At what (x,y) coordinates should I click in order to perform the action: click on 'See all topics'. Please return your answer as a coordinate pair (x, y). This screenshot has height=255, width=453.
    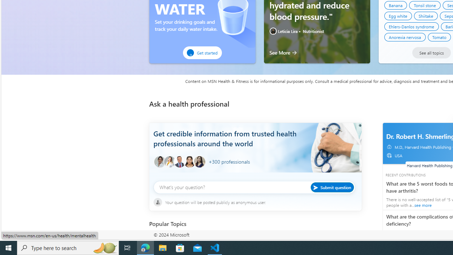
    Looking at the image, I should click on (431, 52).